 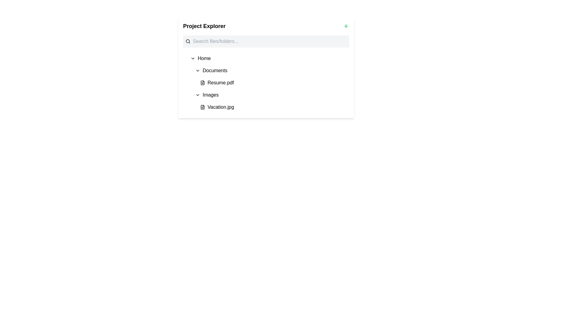 What do you see at coordinates (220, 107) in the screenshot?
I see `the label representing the file name 'Vacation.jpg' located in the 'Images' folder within the 'Project Explorer'` at bounding box center [220, 107].